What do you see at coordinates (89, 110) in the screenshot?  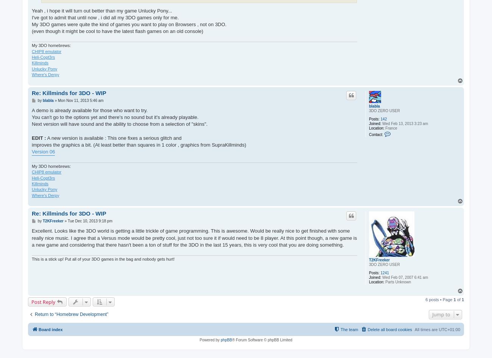 I see `'A demo is already available for those who want to try.'` at bounding box center [89, 110].